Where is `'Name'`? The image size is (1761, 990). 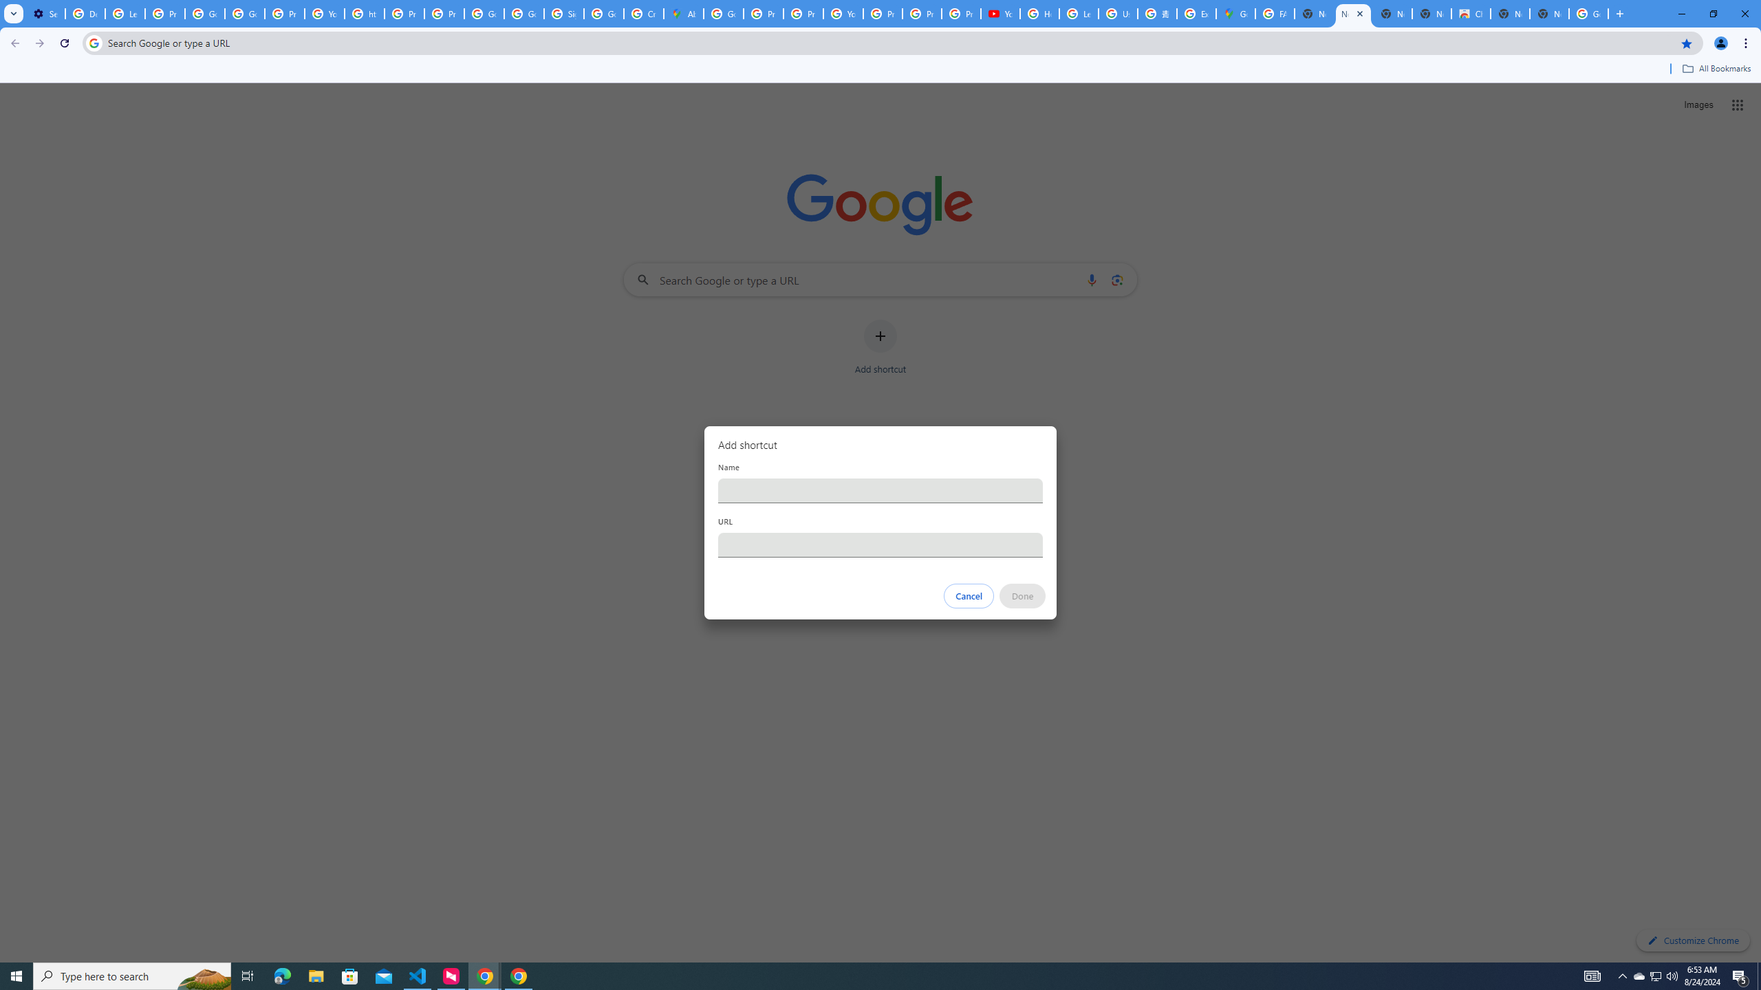
'Name' is located at coordinates (880, 489).